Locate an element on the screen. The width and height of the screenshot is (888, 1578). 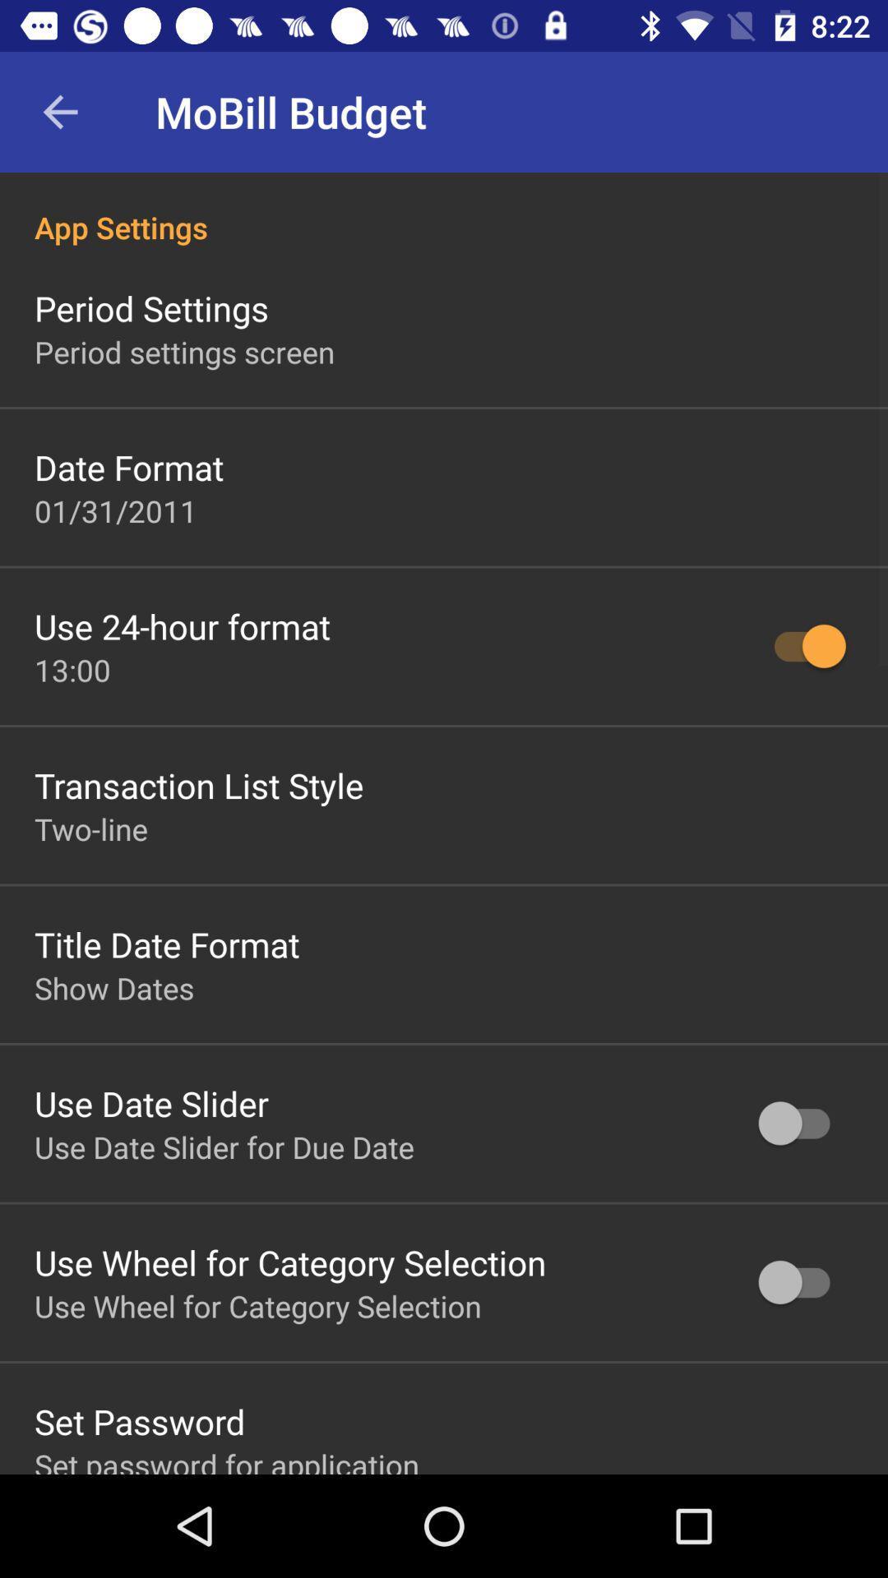
app settings icon is located at coordinates (444, 209).